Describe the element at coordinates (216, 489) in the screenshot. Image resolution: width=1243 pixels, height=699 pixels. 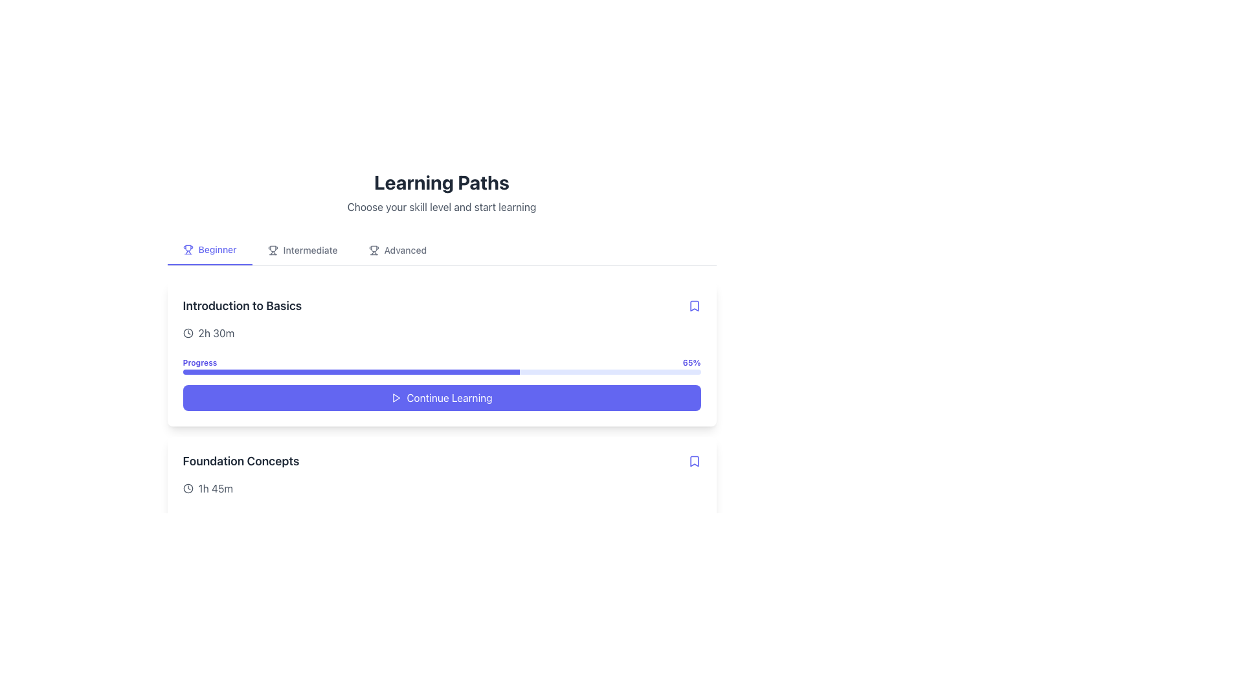
I see `the text display label showing the duration '1h 45m', which is styled in neutral gray and located in the bottom section of the 'Foundation Concepts' area, adjacent to a clock icon` at that location.